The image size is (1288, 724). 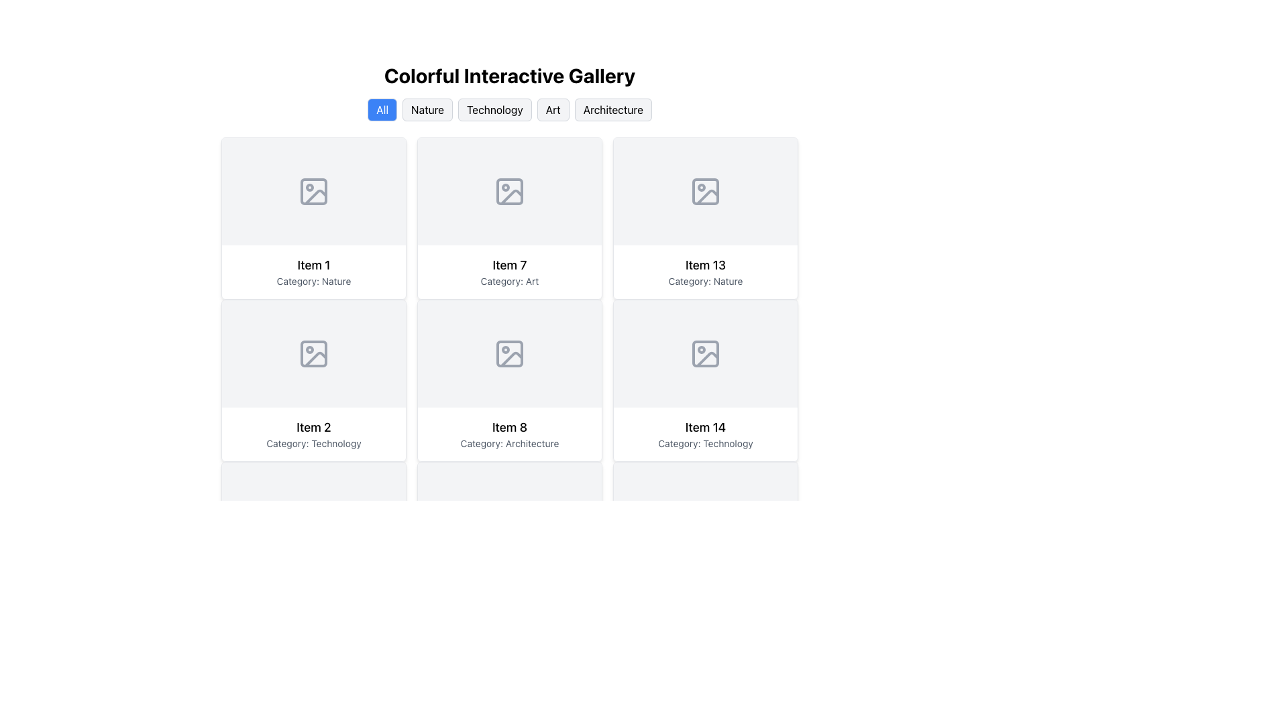 I want to click on the text label displaying 'Item 14' in the 'Technology' category, located in the fourth row, second column of the grid, so click(x=704, y=434).